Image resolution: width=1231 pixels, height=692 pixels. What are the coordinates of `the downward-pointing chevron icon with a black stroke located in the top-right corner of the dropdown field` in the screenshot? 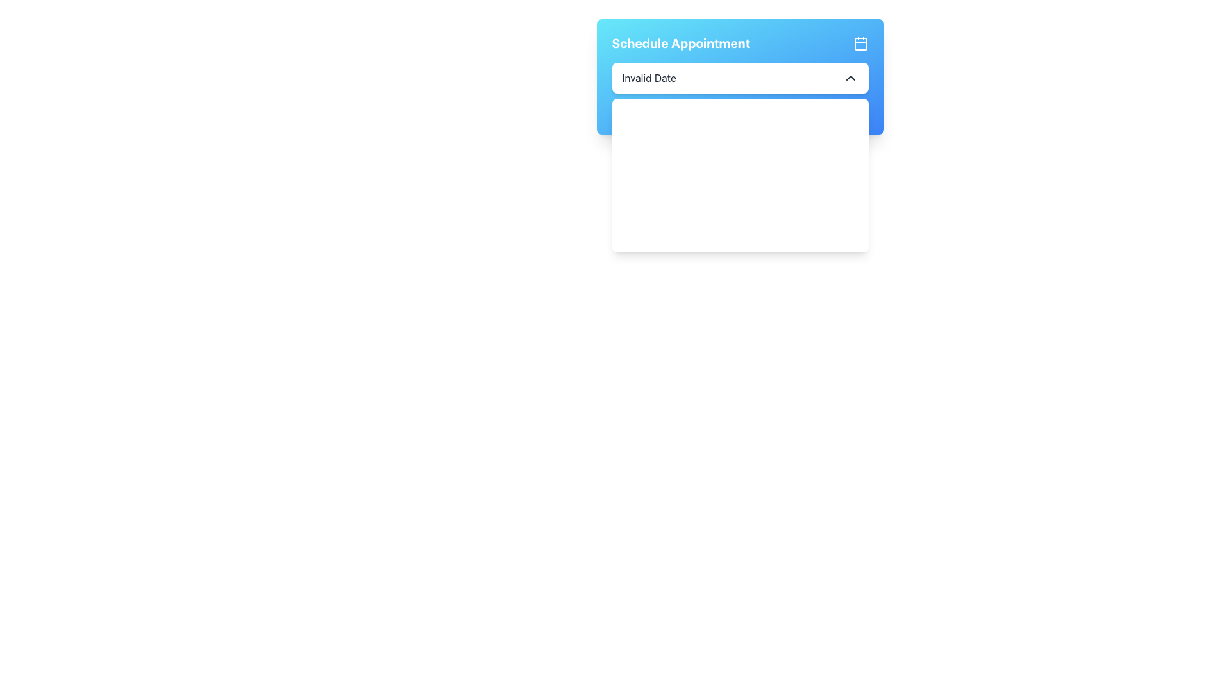 It's located at (850, 78).